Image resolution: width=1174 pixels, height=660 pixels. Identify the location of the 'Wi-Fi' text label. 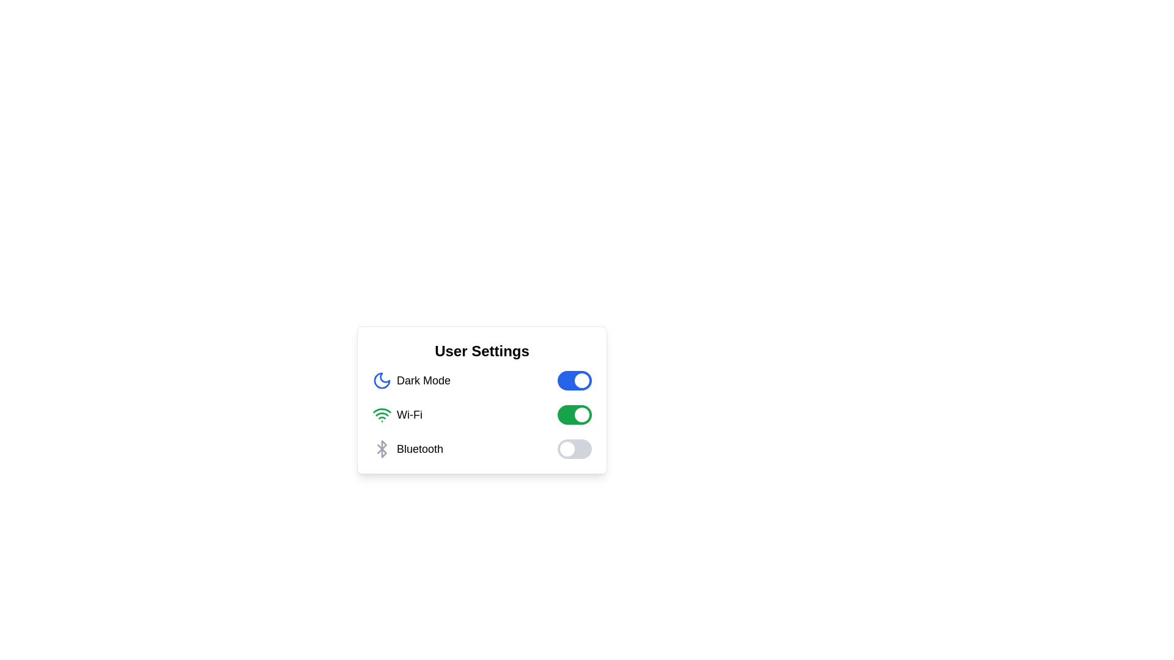
(397, 414).